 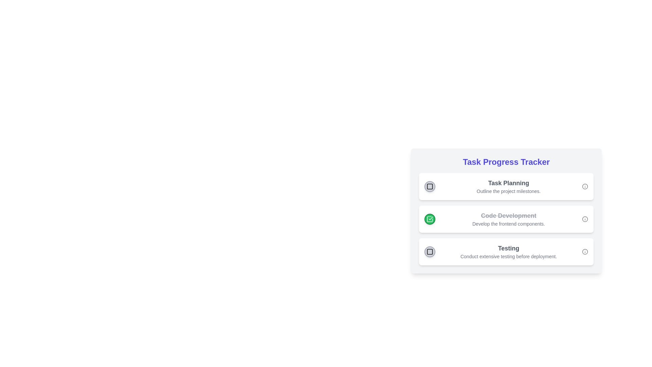 What do you see at coordinates (430, 251) in the screenshot?
I see `the circular button with a light gray background and a black square icon, located on the left side of the third task row in the 'Task Progress Tracker'` at bounding box center [430, 251].